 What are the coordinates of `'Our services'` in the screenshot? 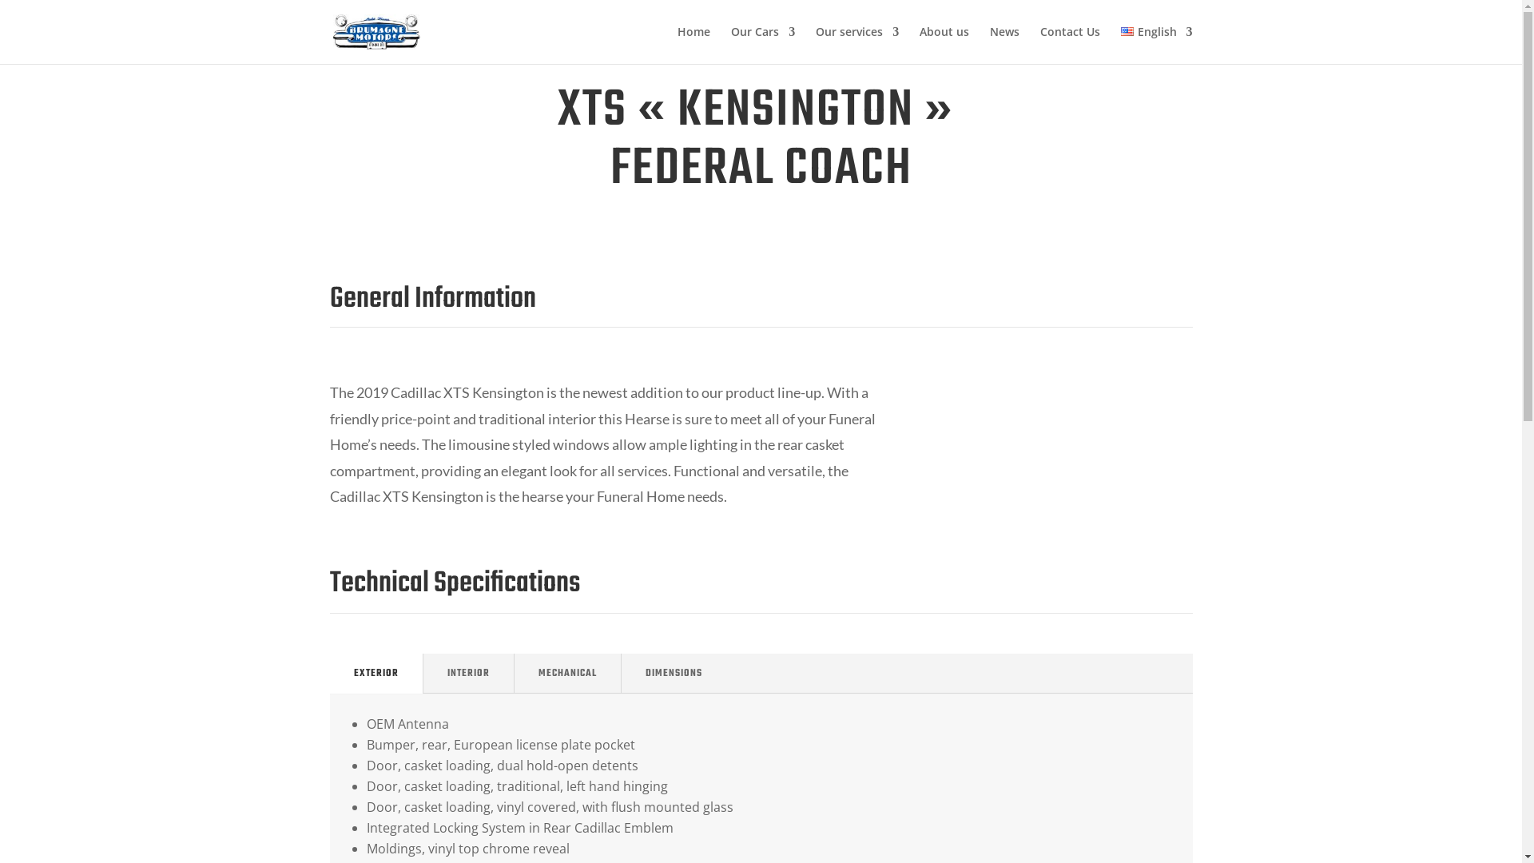 It's located at (856, 44).